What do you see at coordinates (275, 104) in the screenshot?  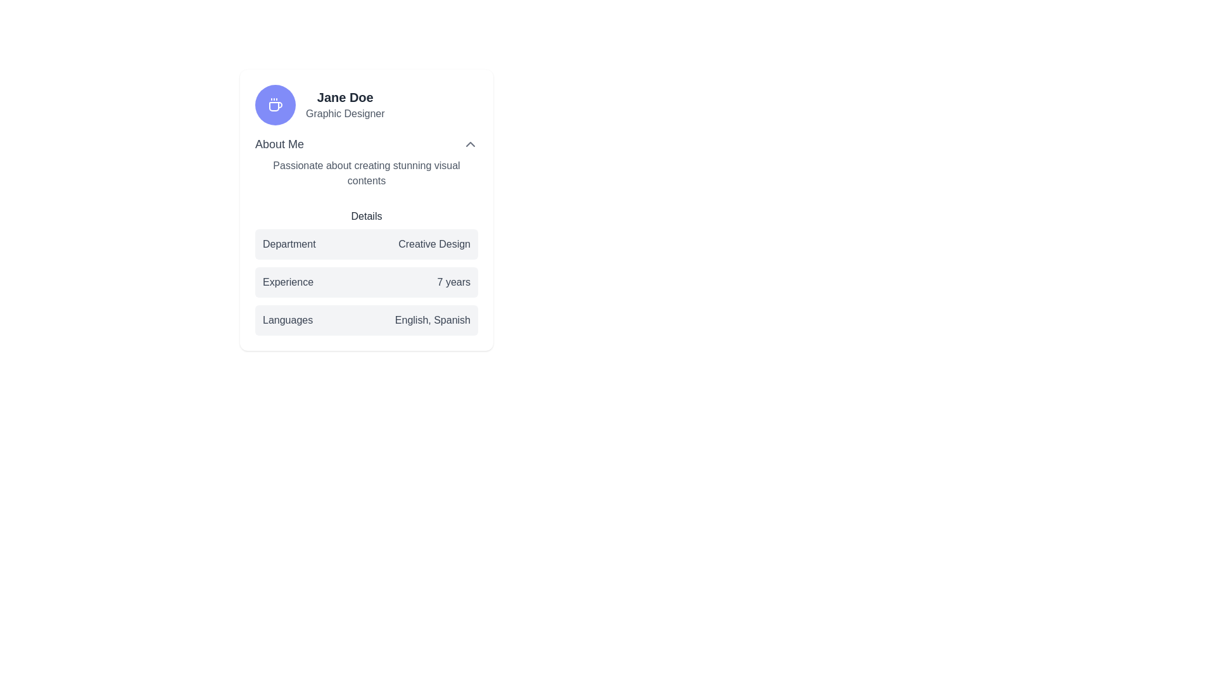 I see `the decorative icon located in the top-left section of the profile card, which is centered above the user name 'Jane Doe'` at bounding box center [275, 104].